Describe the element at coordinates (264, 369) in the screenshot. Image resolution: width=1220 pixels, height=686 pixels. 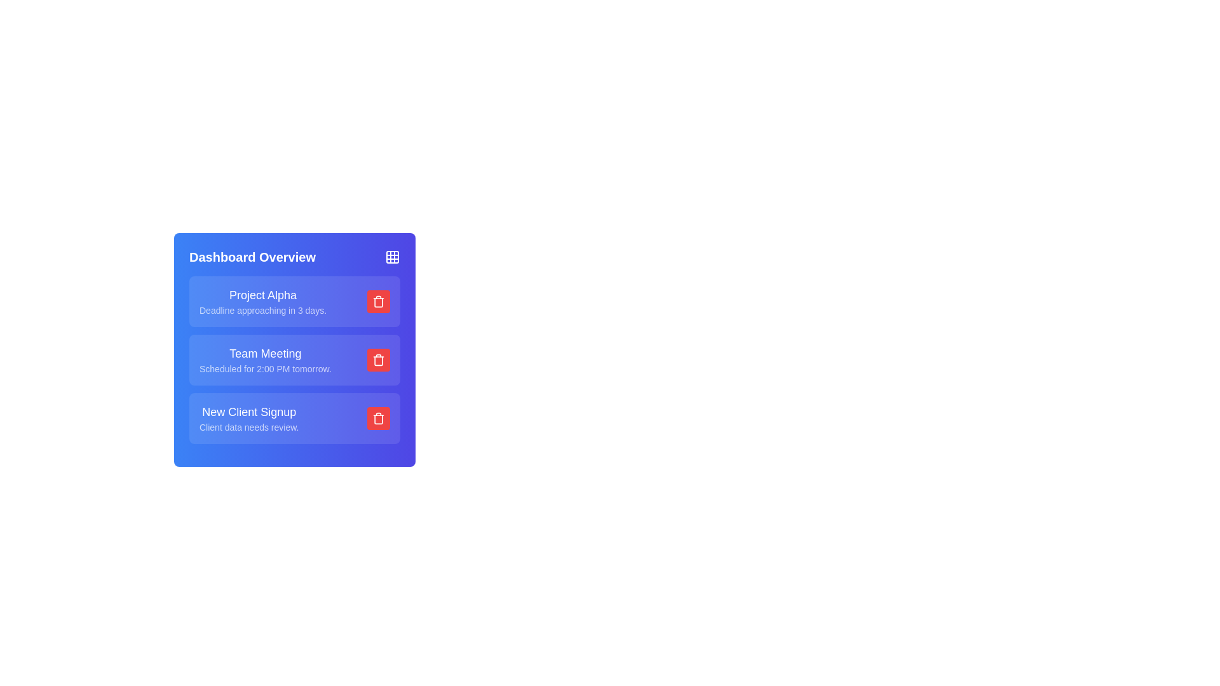
I see `the text label that reads 'Scheduled for 2:00 PM tomorrow.' located below the 'Team Meeting' heading, within a blue rounded box` at that location.